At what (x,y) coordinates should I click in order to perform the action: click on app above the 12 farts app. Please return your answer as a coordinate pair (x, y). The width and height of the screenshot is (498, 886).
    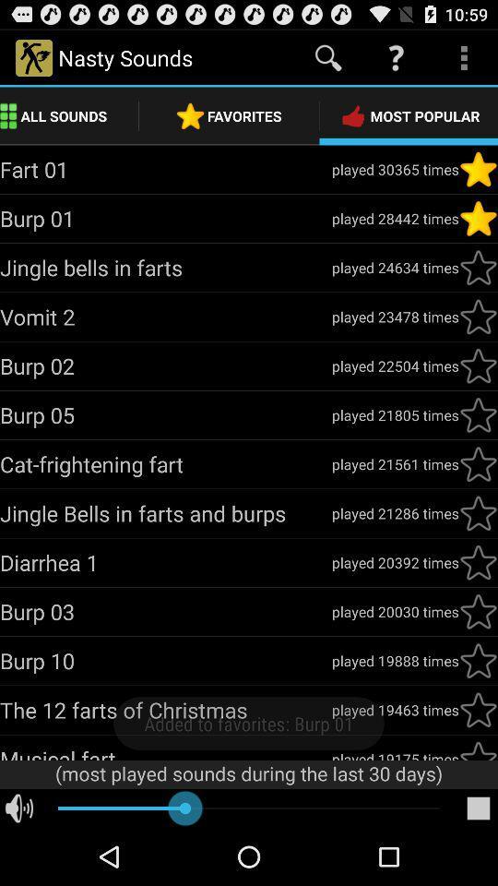
    Looking at the image, I should click on (165, 661).